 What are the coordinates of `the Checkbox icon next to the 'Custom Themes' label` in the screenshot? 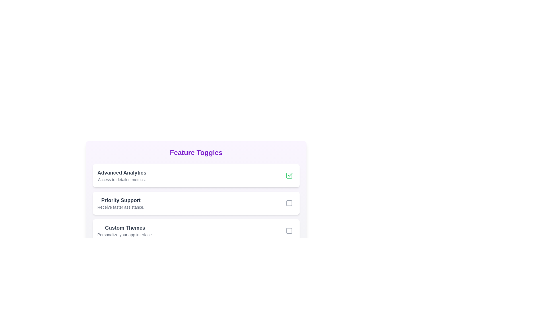 It's located at (289, 230).